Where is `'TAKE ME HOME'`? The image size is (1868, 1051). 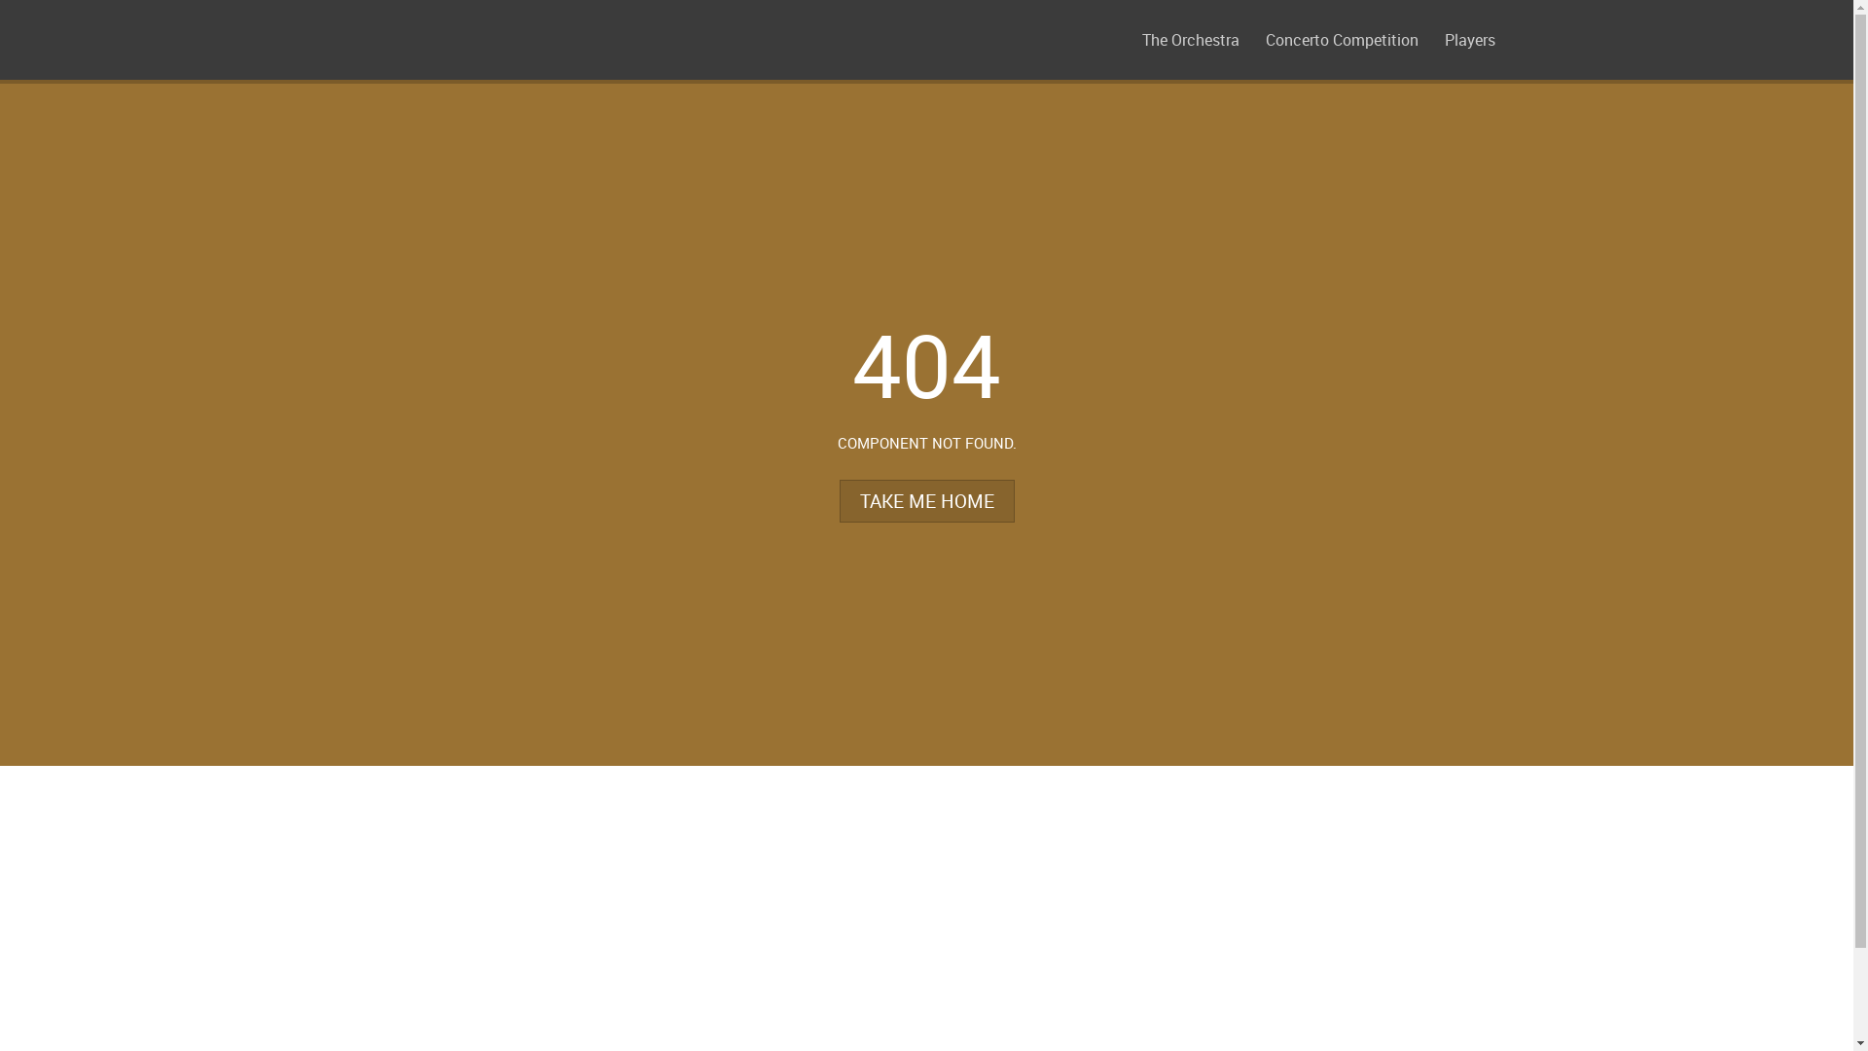 'TAKE ME HOME' is located at coordinates (924, 500).